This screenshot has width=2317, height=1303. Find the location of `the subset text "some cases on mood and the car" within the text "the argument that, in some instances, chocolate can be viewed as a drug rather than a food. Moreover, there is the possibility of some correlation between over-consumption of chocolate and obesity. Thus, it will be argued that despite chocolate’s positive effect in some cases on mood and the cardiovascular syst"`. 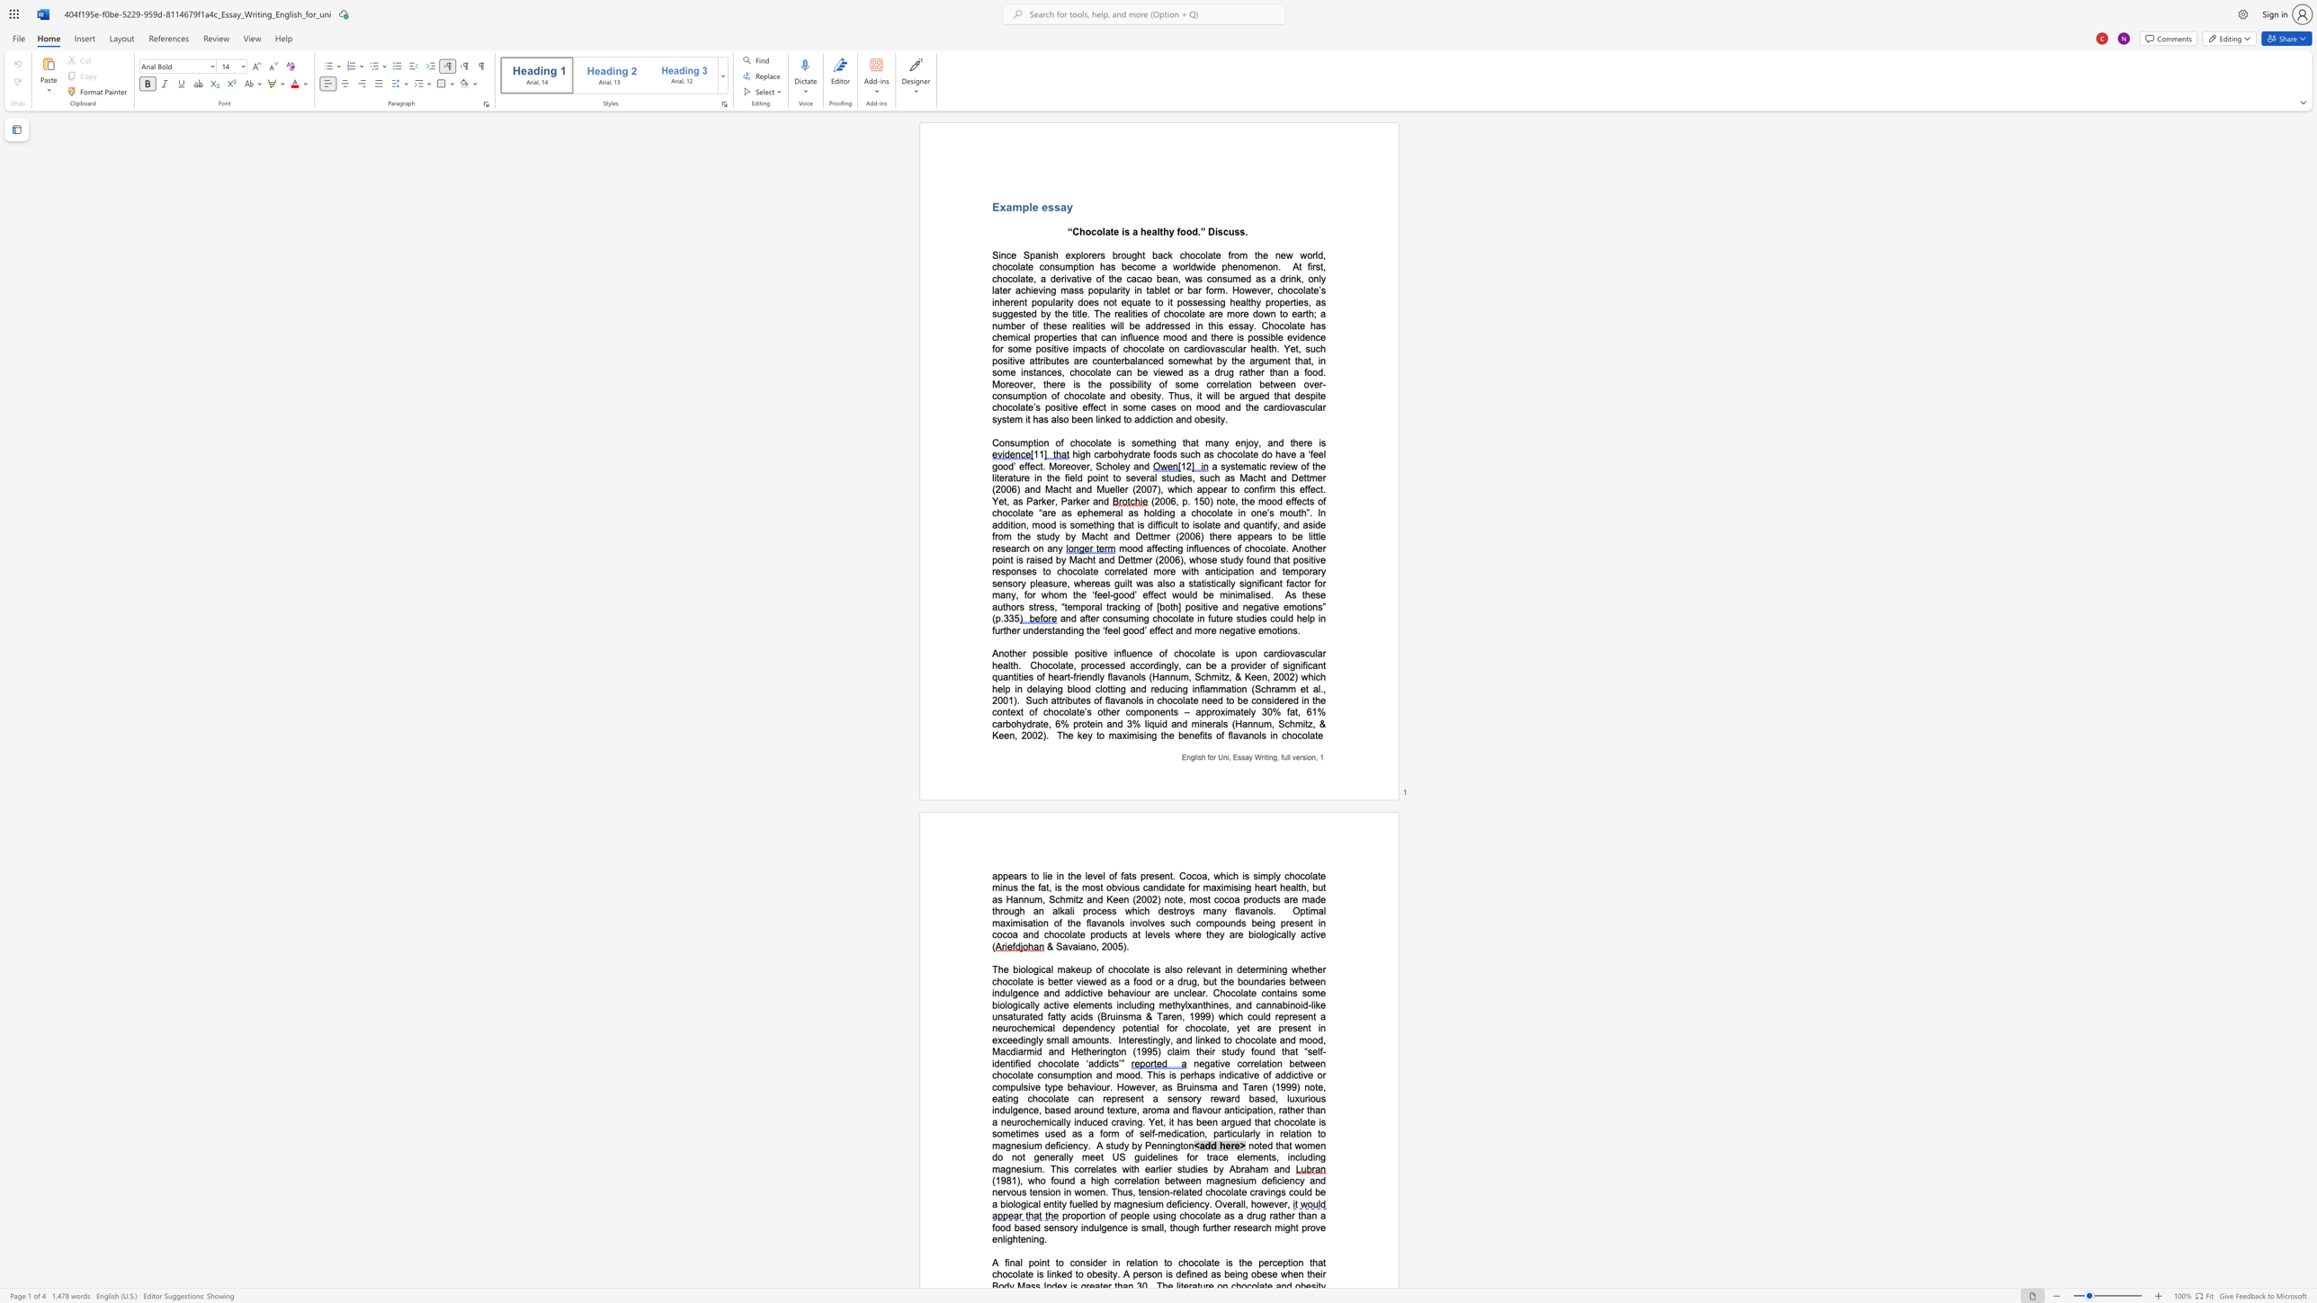

the subset text "some cases on mood and the car" within the text "the argument that, in some instances, chocolate can be viewed as a drug rather than a food. Moreover, there is the possibility of some correlation between over-consumption of chocolate and obesity. Thus, it will be argued that despite chocolate’s positive effect in some cases on mood and the cardiovascular syst" is located at coordinates (1121, 406).